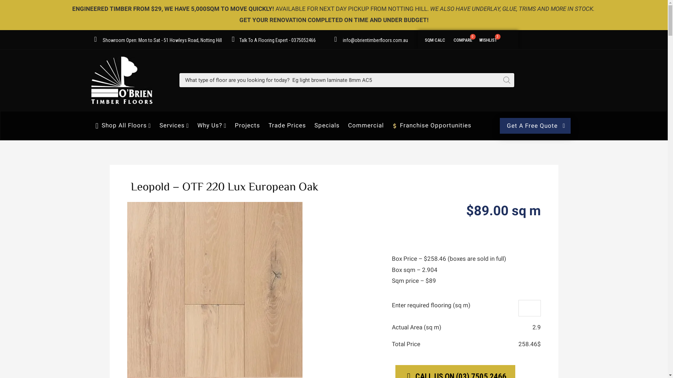 This screenshot has width=673, height=378. What do you see at coordinates (535, 125) in the screenshot?
I see `'Get A Free Quote'` at bounding box center [535, 125].